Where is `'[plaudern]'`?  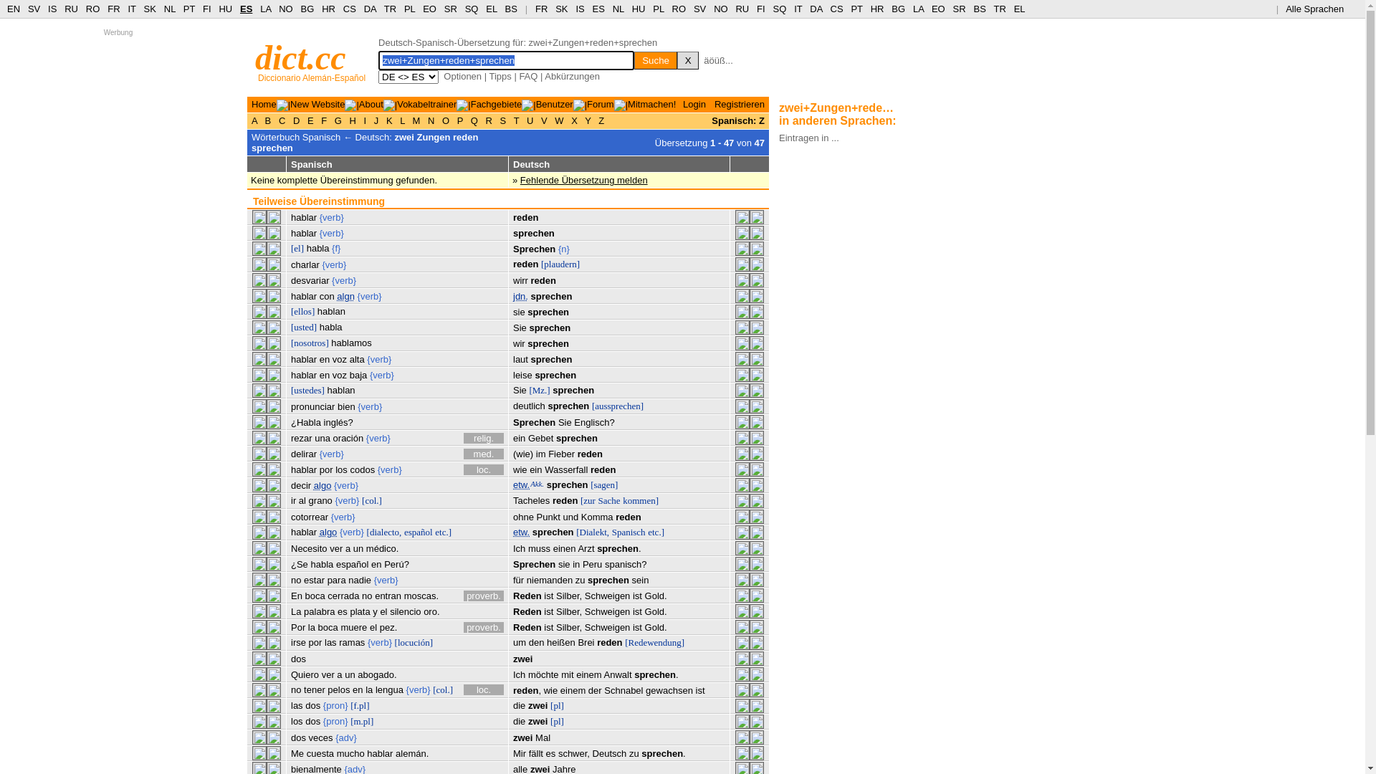
'[plaudern]' is located at coordinates (560, 264).